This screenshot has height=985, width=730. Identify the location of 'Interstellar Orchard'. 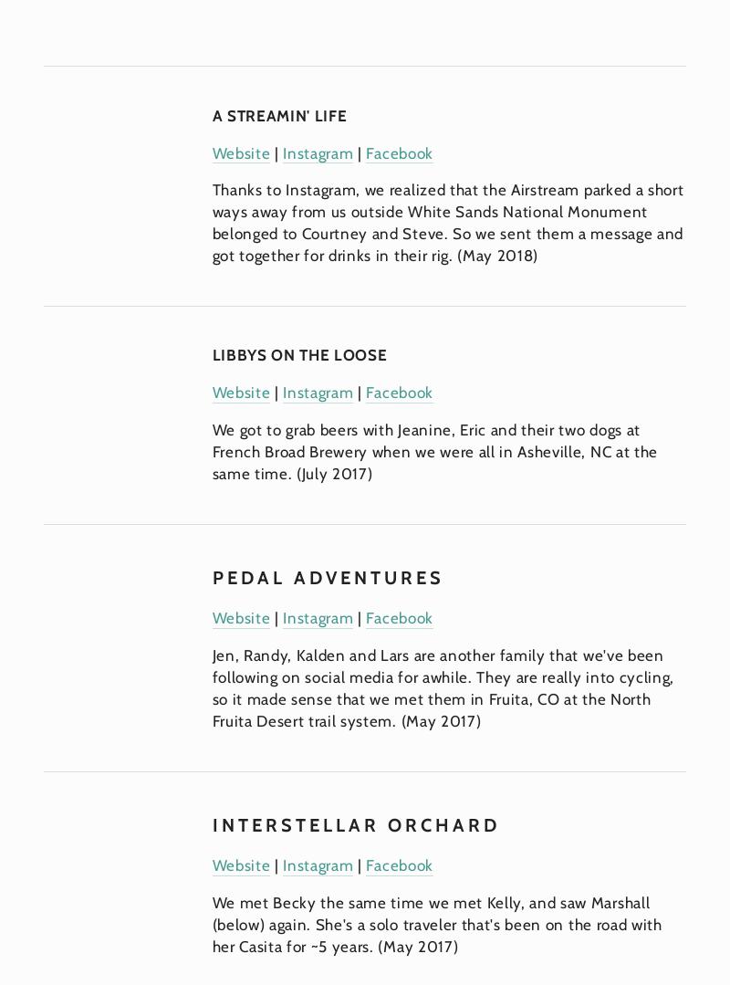
(354, 823).